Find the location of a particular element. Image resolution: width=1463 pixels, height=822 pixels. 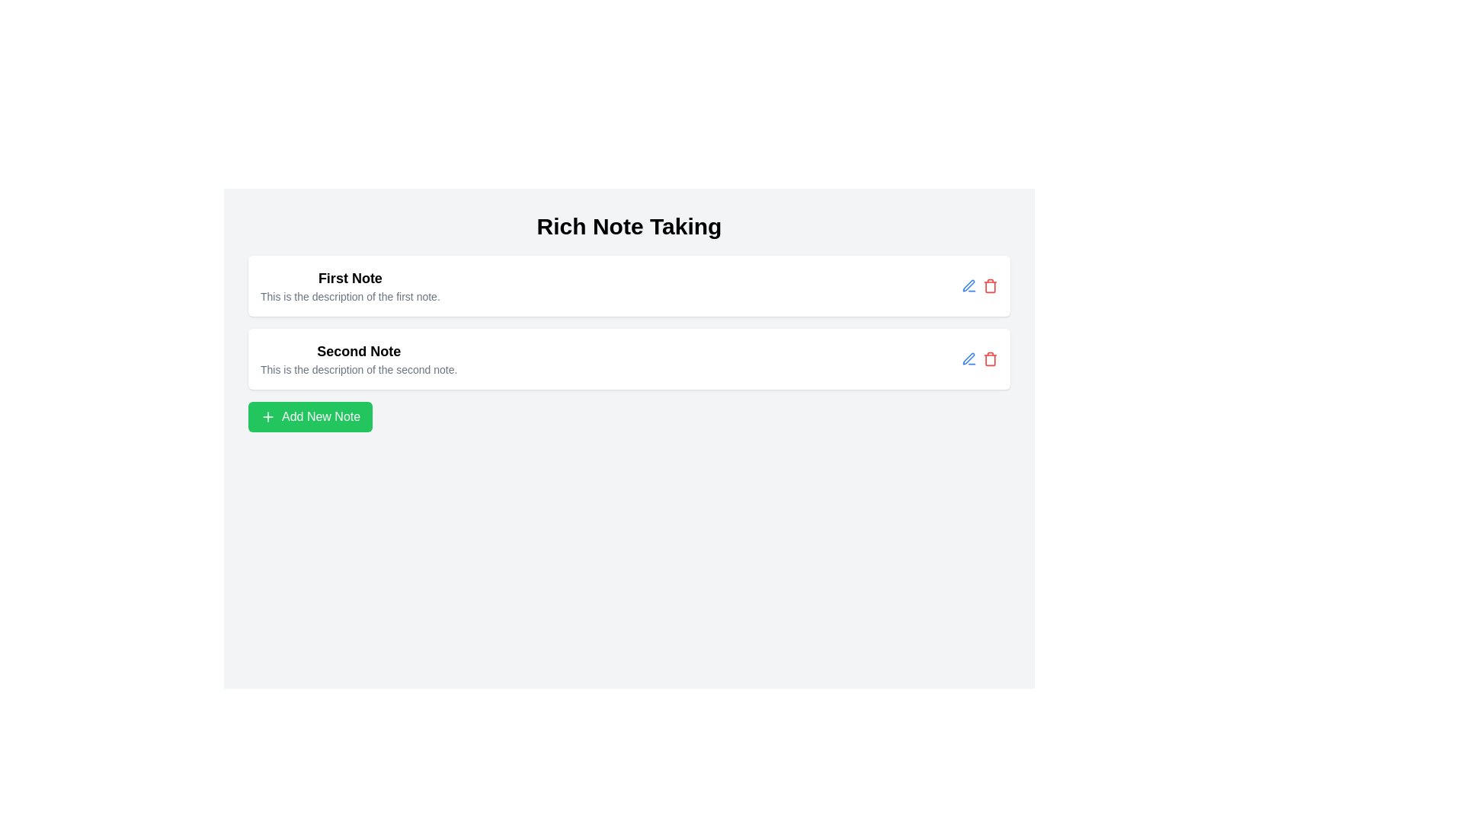

bold and large text label element that reads 'Rich Note Taking', prominently placed at the top center of the interface is located at coordinates (629, 226).